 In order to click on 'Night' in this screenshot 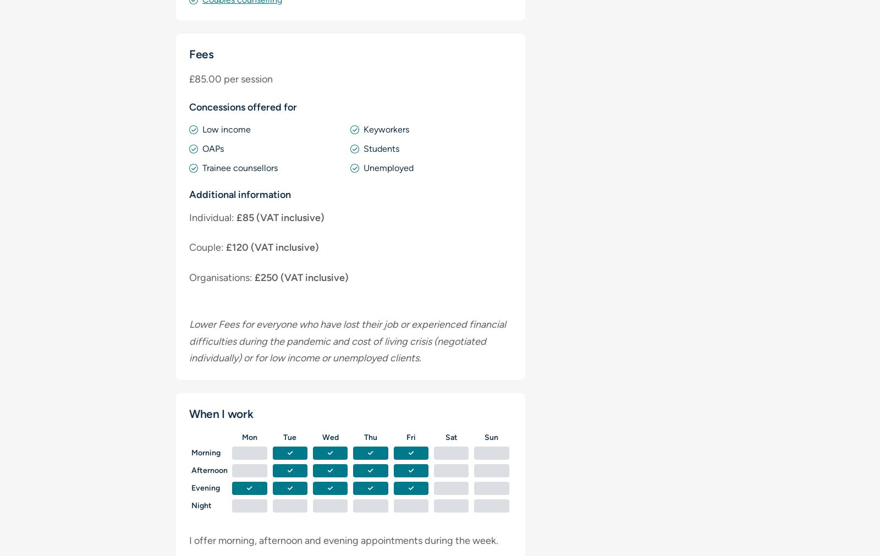, I will do `click(191, 505)`.